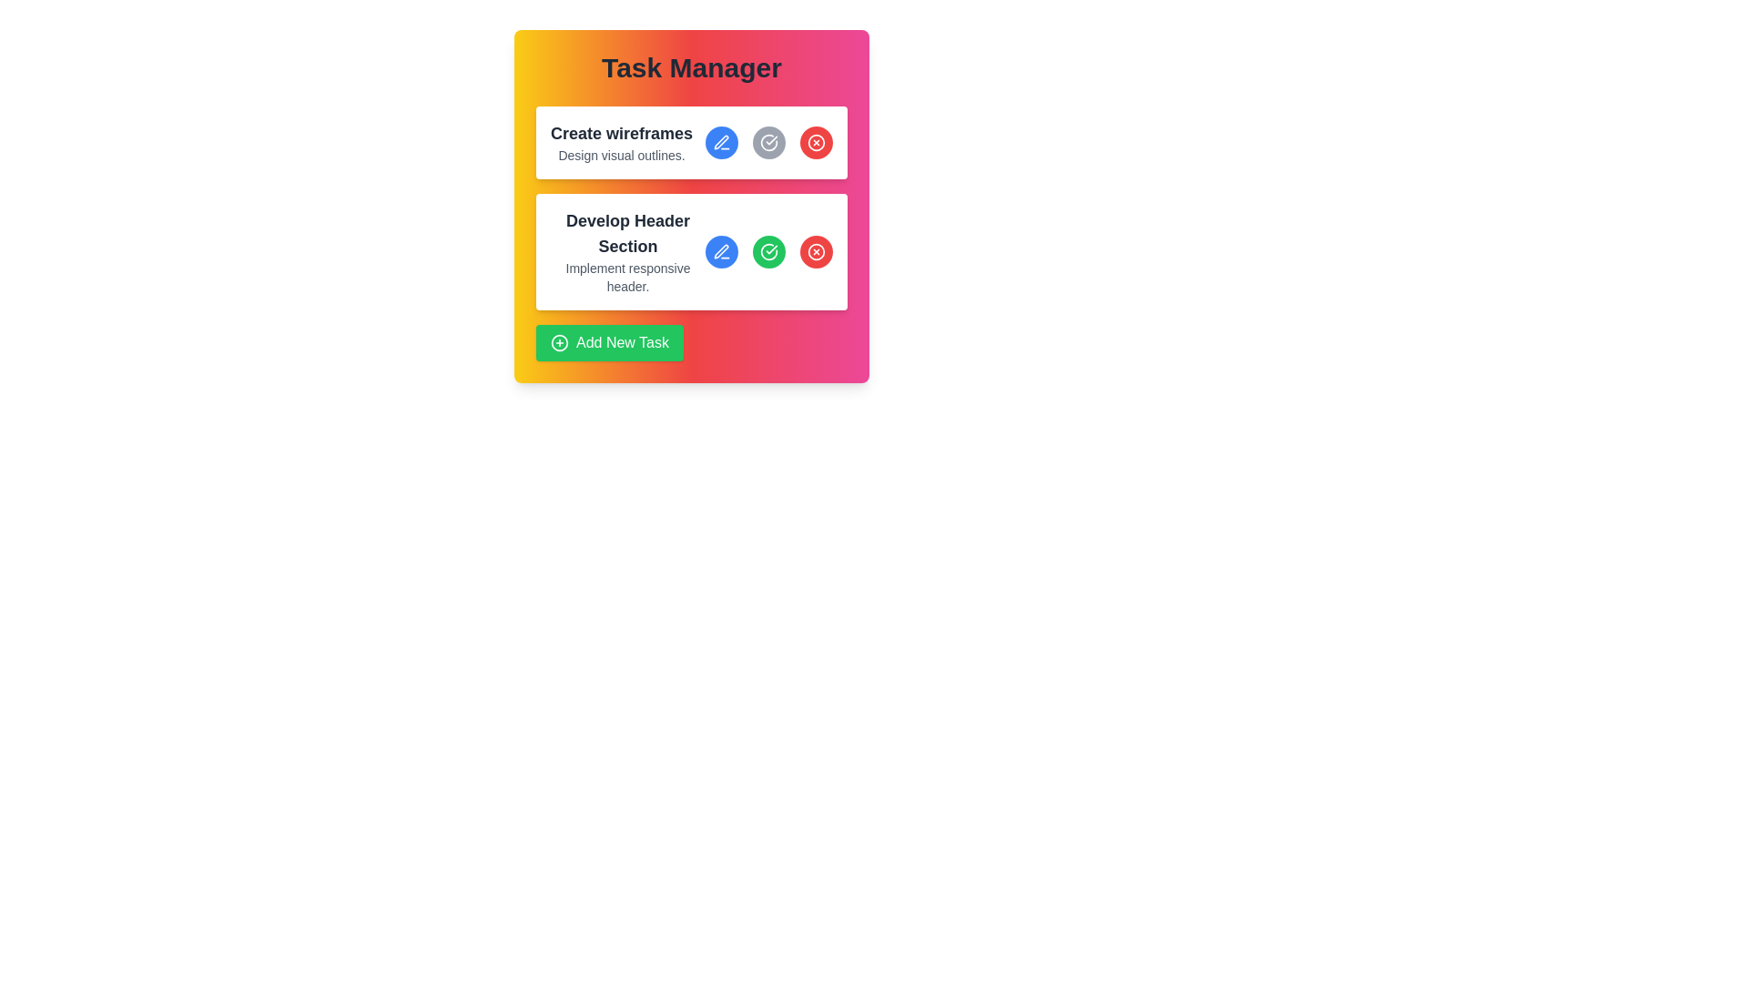  What do you see at coordinates (816, 252) in the screenshot?
I see `the red circular button with an 'X' icon` at bounding box center [816, 252].